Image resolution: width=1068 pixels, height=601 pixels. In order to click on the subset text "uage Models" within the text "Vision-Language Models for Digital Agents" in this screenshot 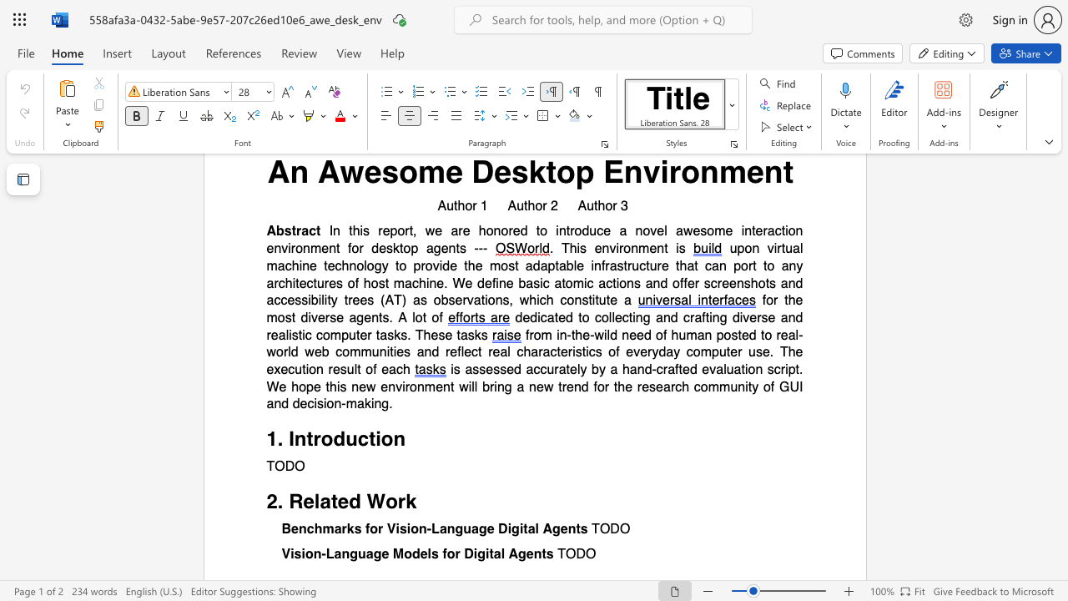, I will do `click(357, 554)`.